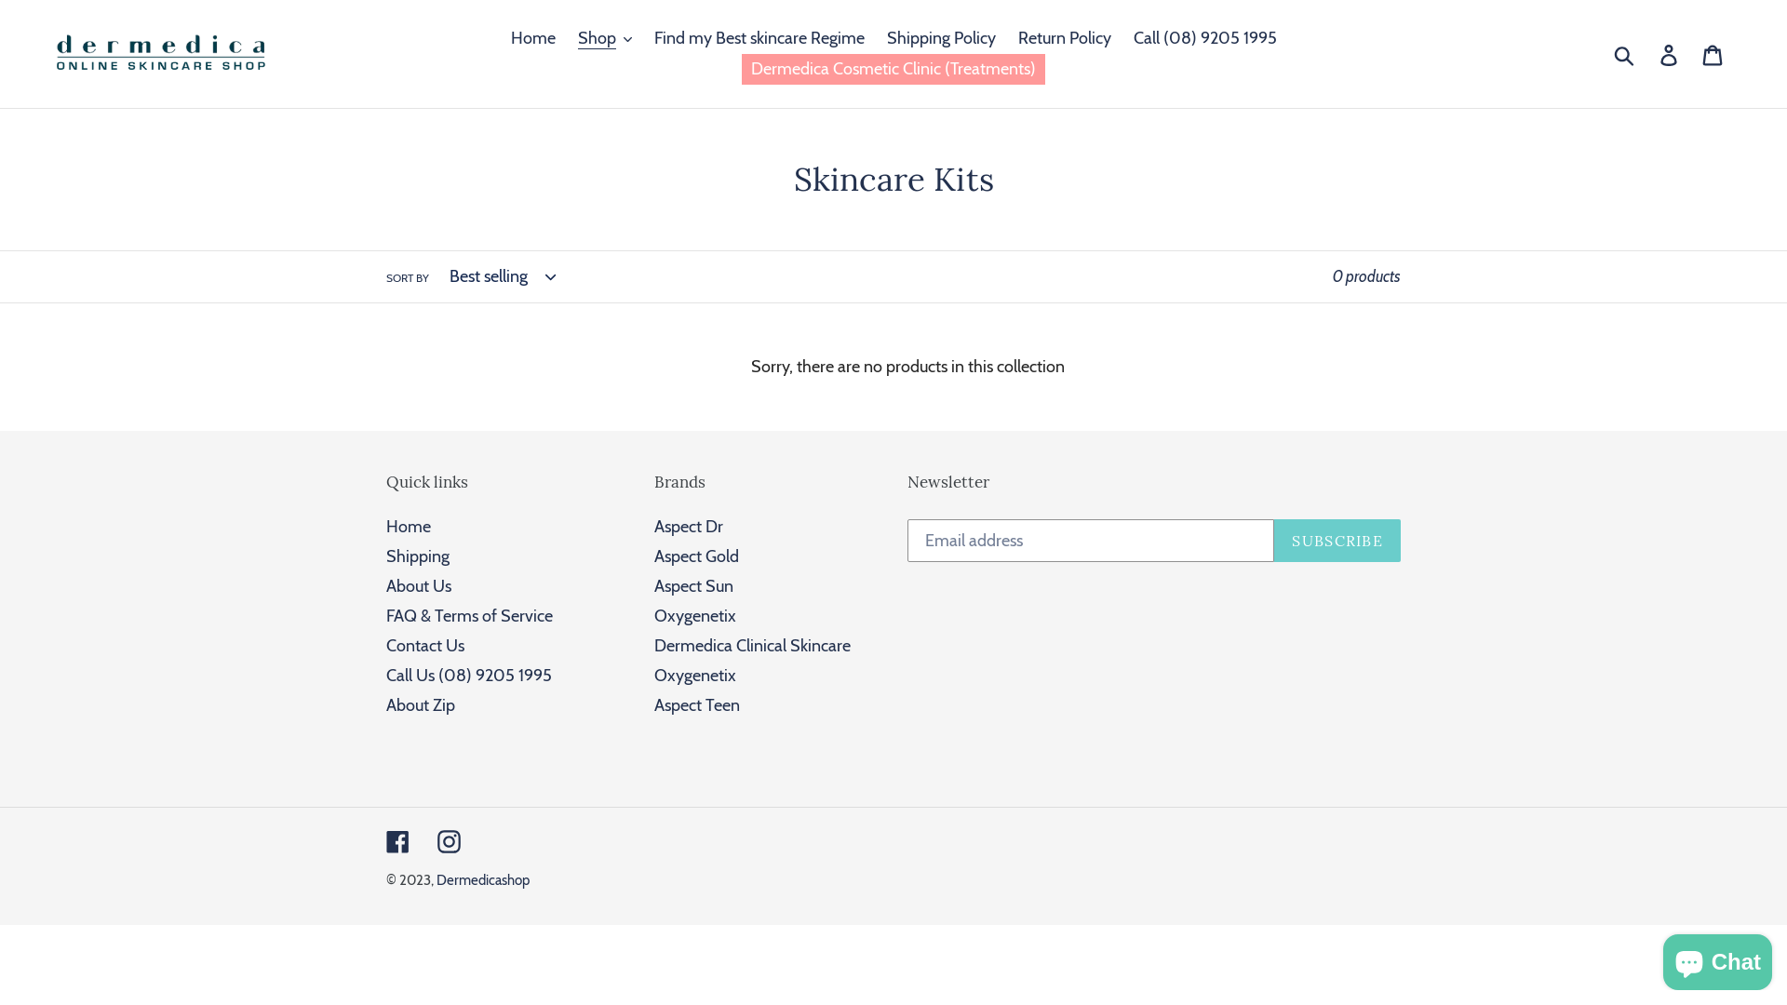 Image resolution: width=1787 pixels, height=1005 pixels. What do you see at coordinates (1123, 38) in the screenshot?
I see `'Call (08) 9205 1995'` at bounding box center [1123, 38].